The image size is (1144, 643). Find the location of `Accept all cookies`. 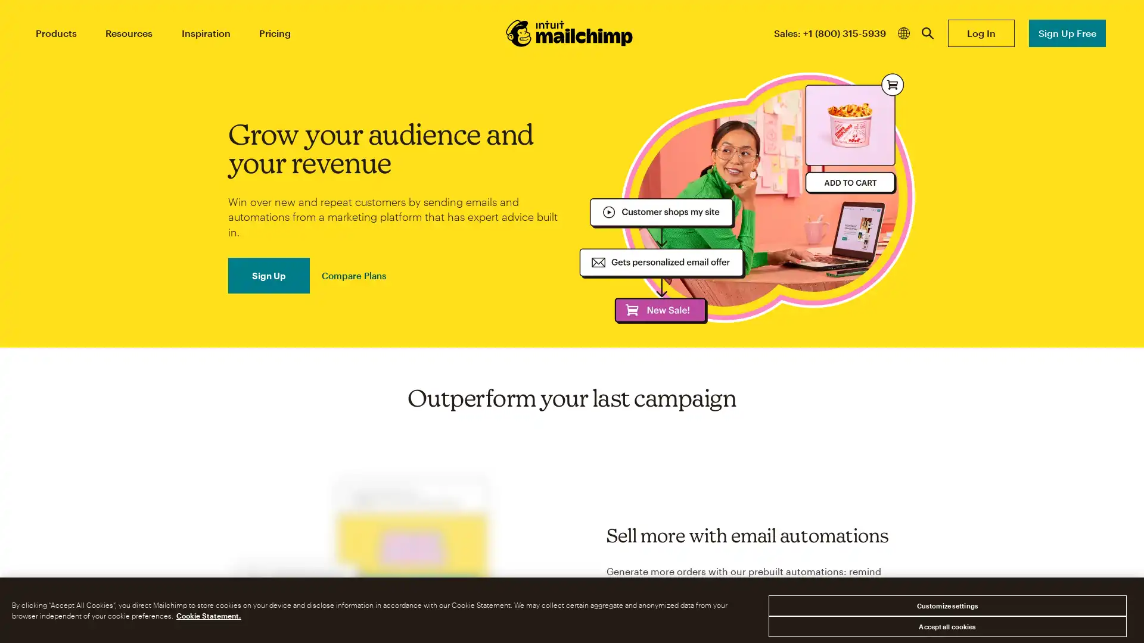

Accept all cookies is located at coordinates (946, 626).